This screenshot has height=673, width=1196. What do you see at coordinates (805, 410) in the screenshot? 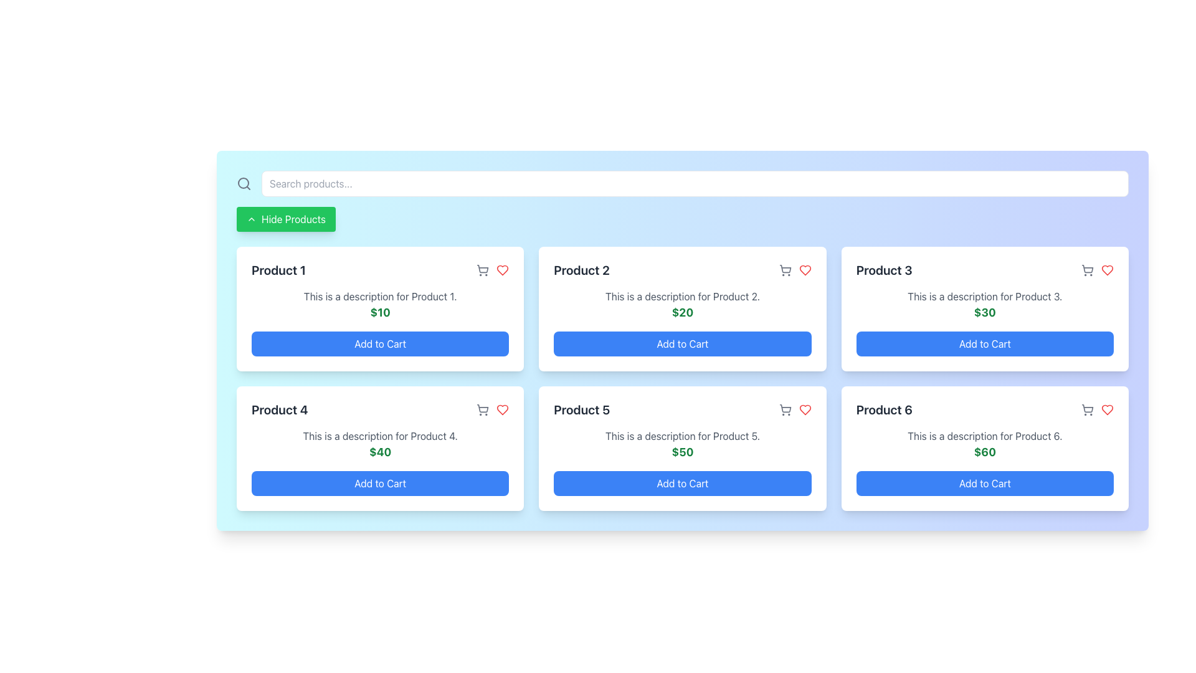
I see `the 'favorite' toggle button located in the upper-right corner of the 'Product 5' card` at bounding box center [805, 410].